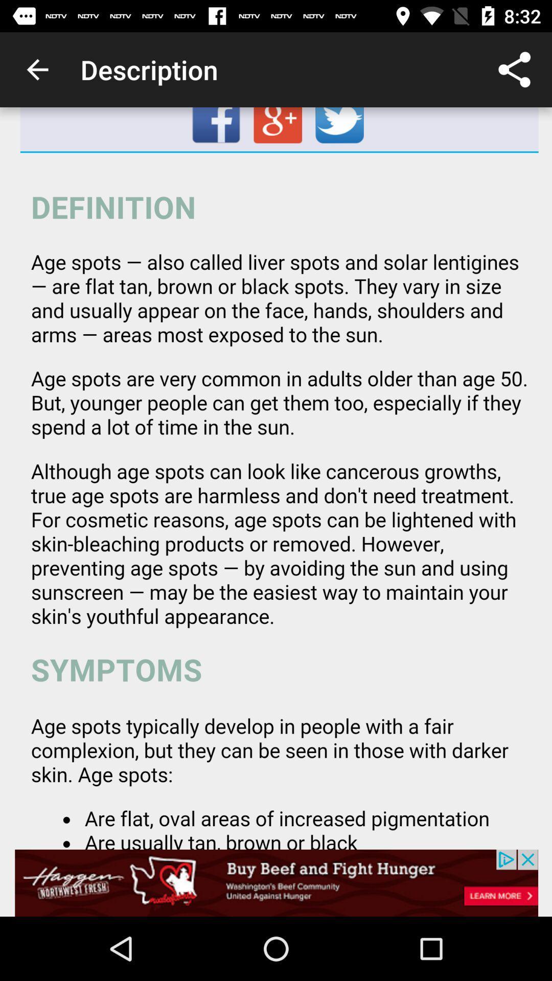 The height and width of the screenshot is (981, 552). Describe the element at coordinates (279, 129) in the screenshot. I see `google box option` at that location.